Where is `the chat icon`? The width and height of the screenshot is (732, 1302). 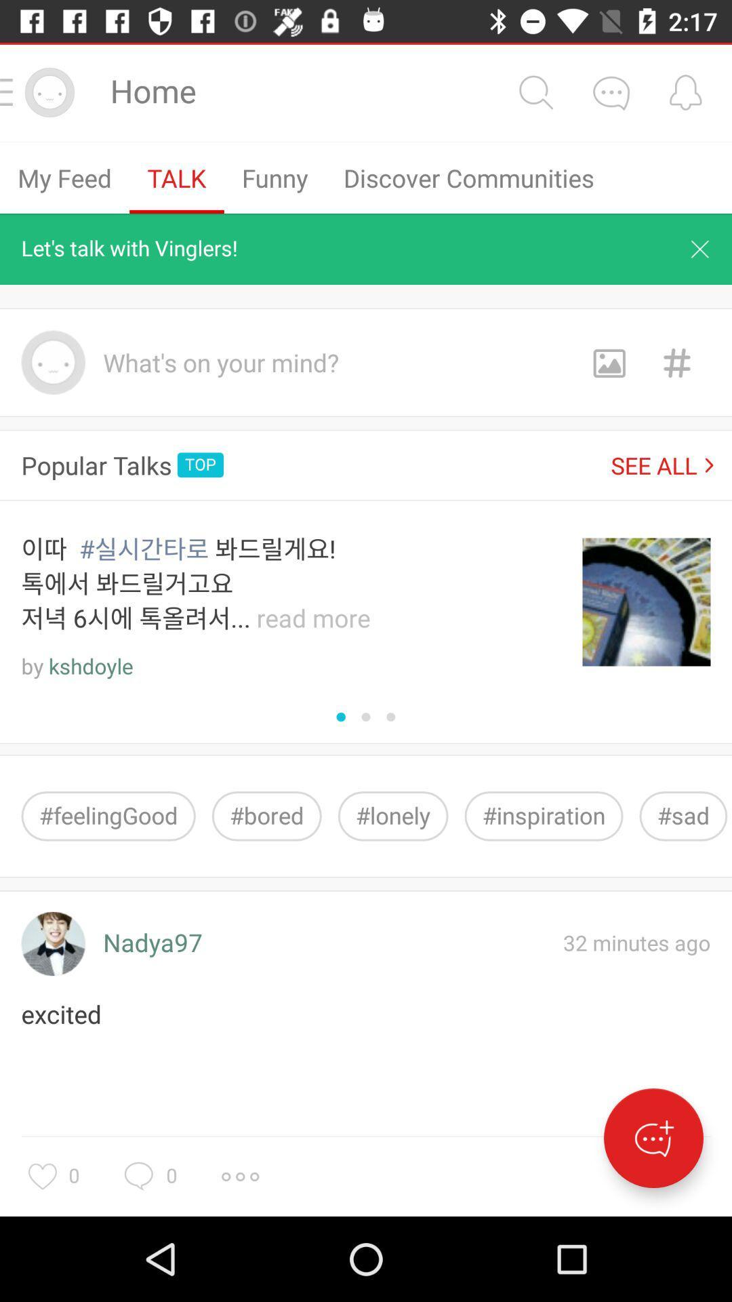
the chat icon is located at coordinates (653, 1138).